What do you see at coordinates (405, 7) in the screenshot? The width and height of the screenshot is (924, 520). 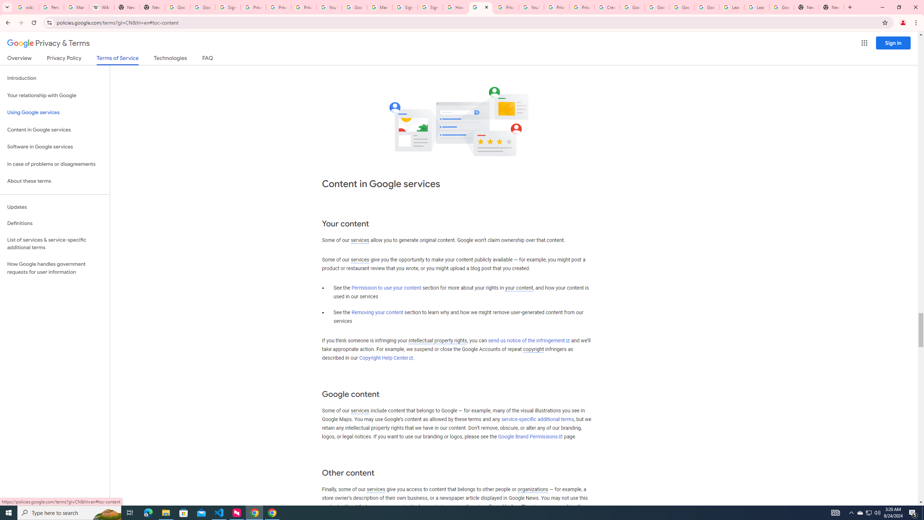 I see `'Sign in - Google Accounts'` at bounding box center [405, 7].